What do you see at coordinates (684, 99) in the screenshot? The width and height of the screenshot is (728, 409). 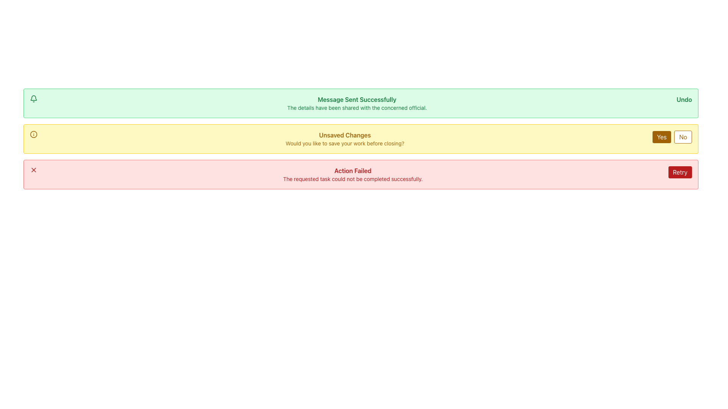 I see `the 'Undo' button` at bounding box center [684, 99].